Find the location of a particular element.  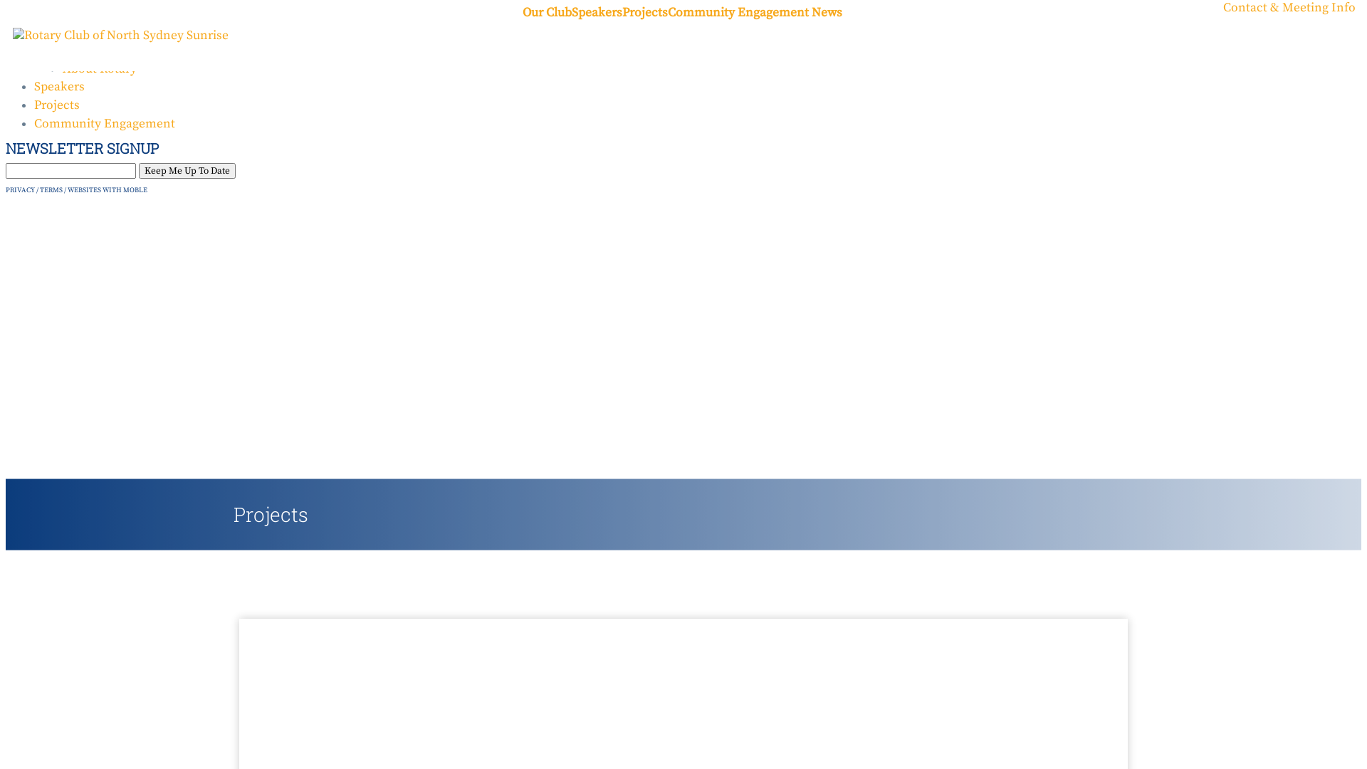

'Keep Me Up To Date' is located at coordinates (187, 169).